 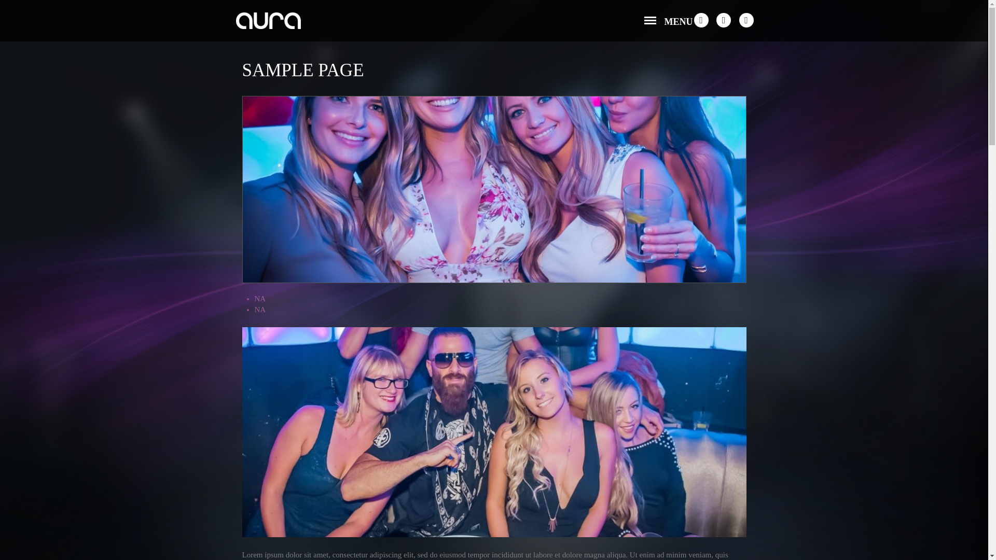 What do you see at coordinates (666, 21) in the screenshot?
I see `'MENU'` at bounding box center [666, 21].